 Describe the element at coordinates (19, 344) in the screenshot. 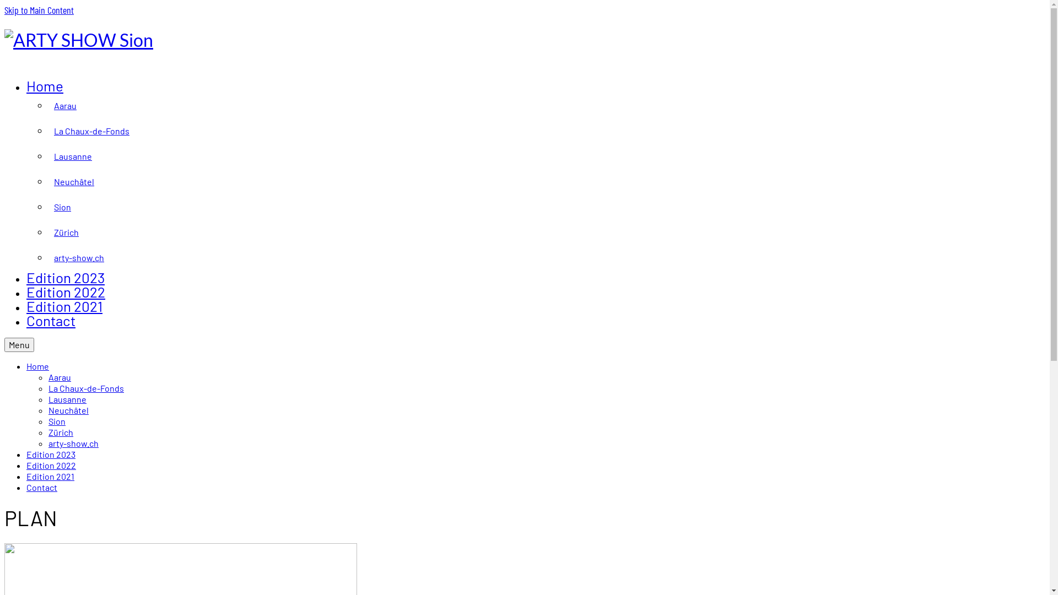

I see `'Menu'` at that location.